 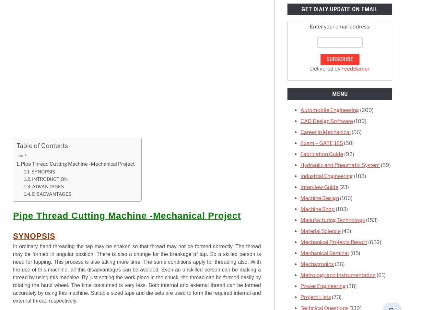 What do you see at coordinates (301, 9) in the screenshot?
I see `'Get Dialy Update On Email'` at bounding box center [301, 9].